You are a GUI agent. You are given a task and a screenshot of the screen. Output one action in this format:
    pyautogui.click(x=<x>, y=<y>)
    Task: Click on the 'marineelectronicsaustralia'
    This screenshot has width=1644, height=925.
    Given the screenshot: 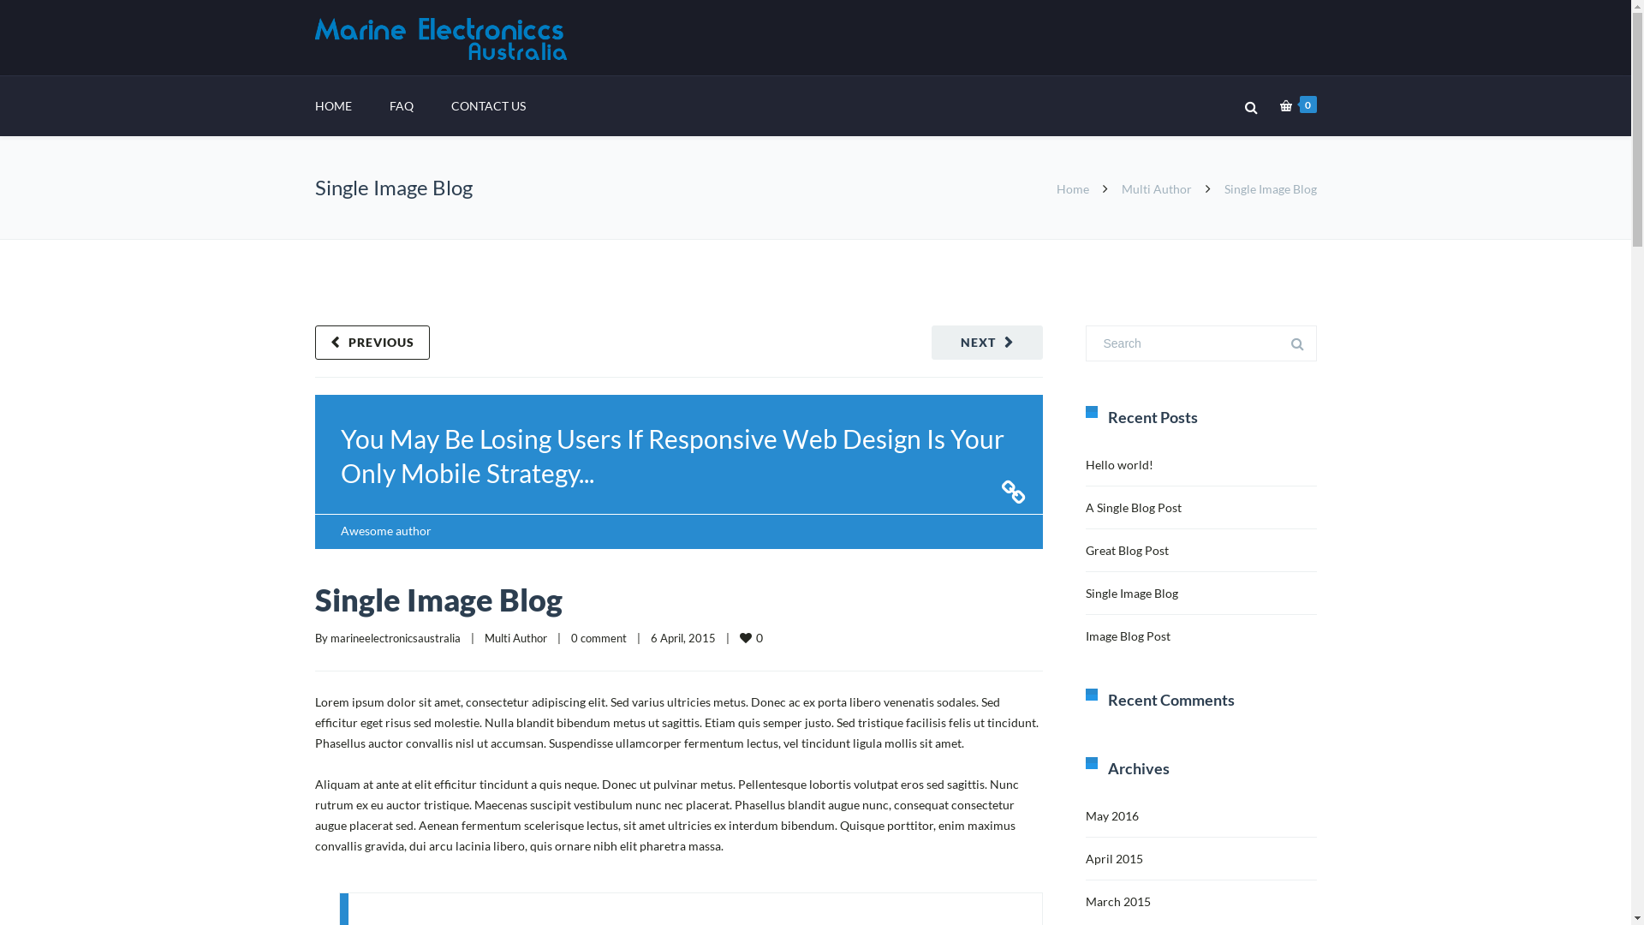 What is the action you would take?
    pyautogui.click(x=394, y=637)
    